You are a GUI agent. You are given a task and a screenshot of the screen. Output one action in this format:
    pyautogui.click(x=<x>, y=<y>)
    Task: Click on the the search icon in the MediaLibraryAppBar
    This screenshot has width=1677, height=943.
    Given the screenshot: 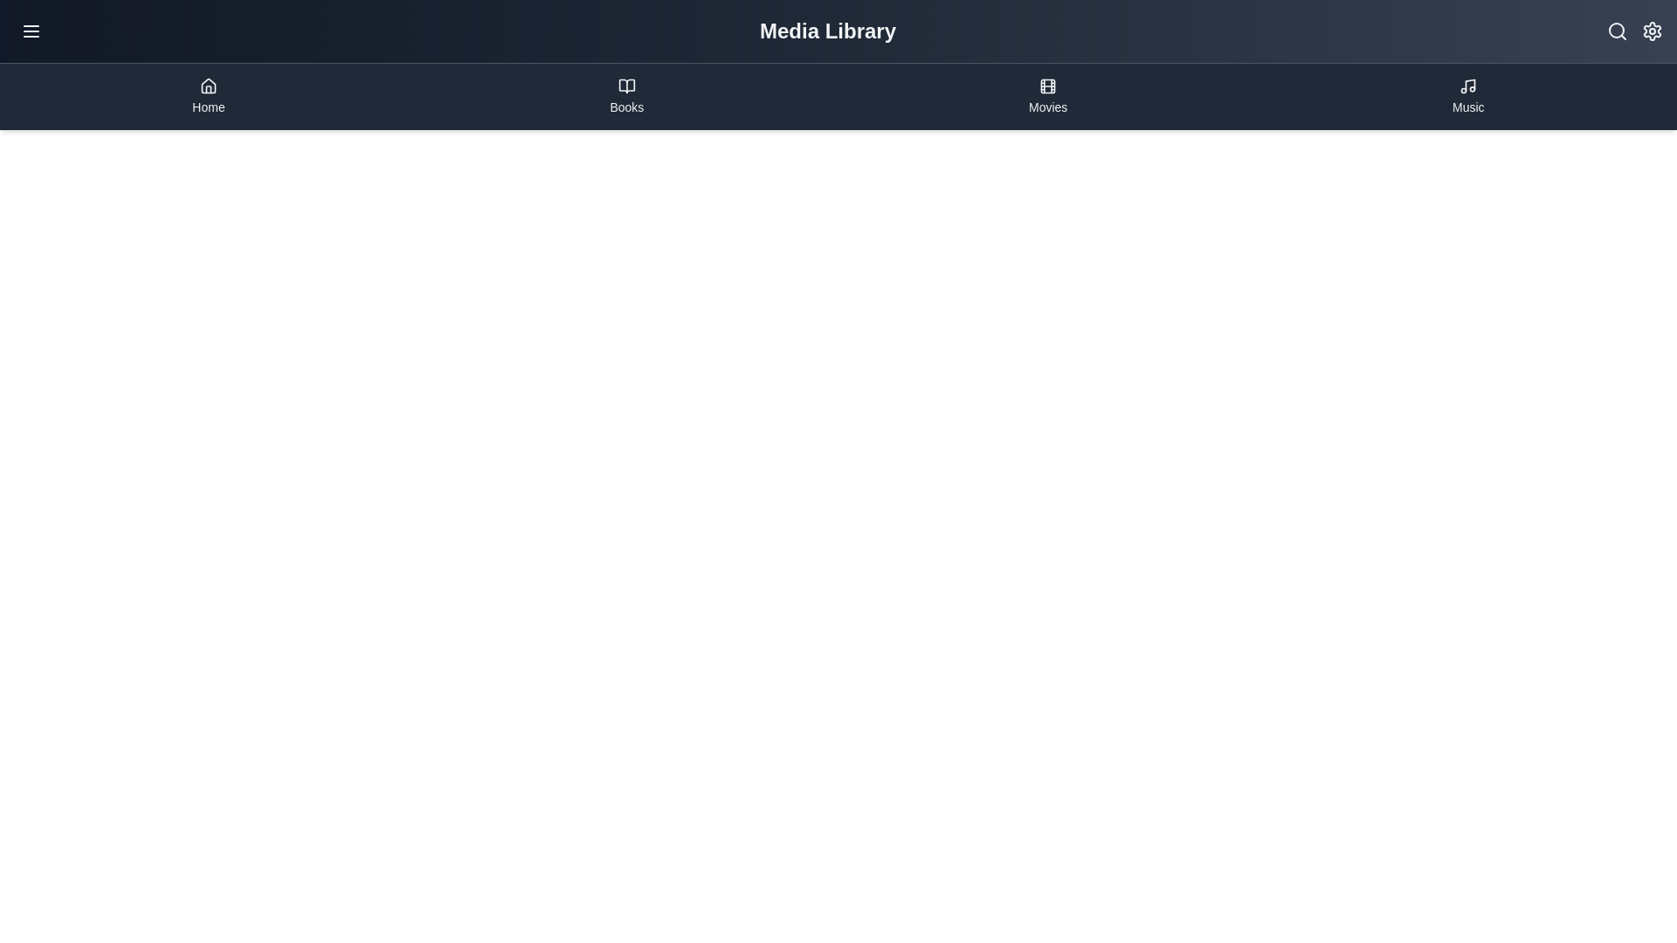 What is the action you would take?
    pyautogui.click(x=1617, y=31)
    